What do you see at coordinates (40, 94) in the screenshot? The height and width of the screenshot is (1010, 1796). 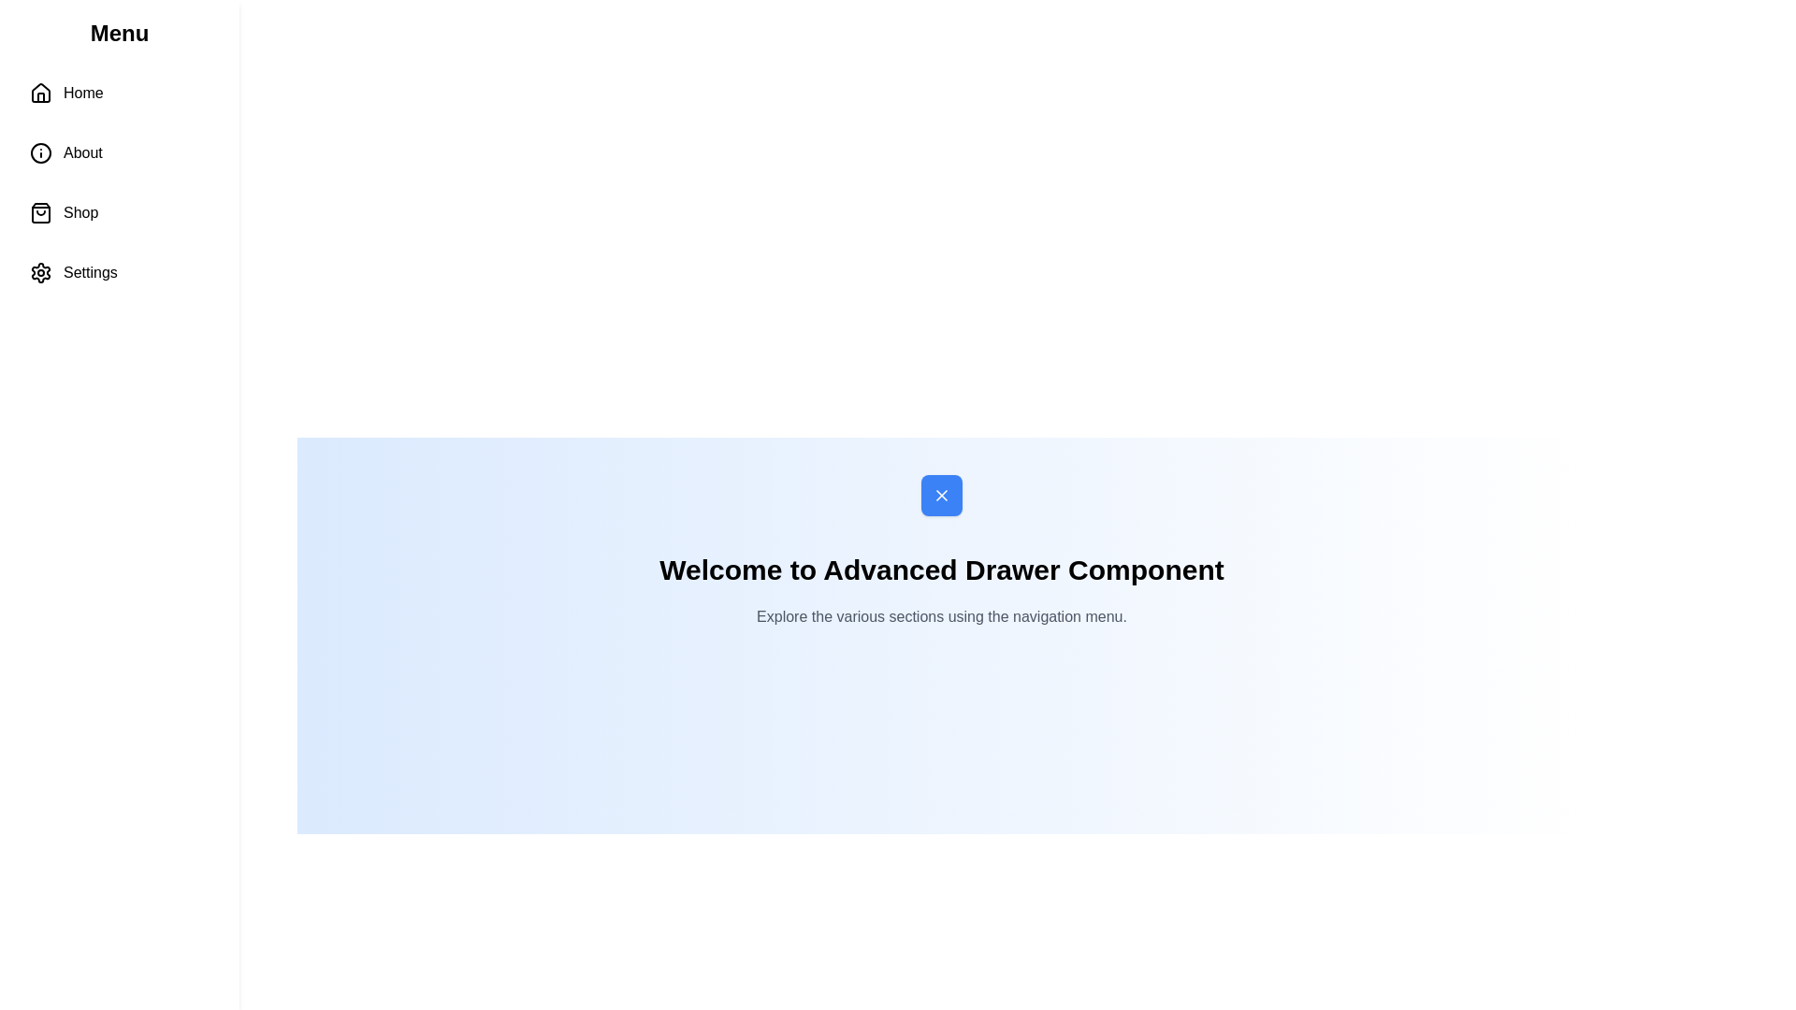 I see `the house icon that represents the 'Home' menu option in the vertical navigation bar, positioned directly to the left of the text 'Home'` at bounding box center [40, 94].